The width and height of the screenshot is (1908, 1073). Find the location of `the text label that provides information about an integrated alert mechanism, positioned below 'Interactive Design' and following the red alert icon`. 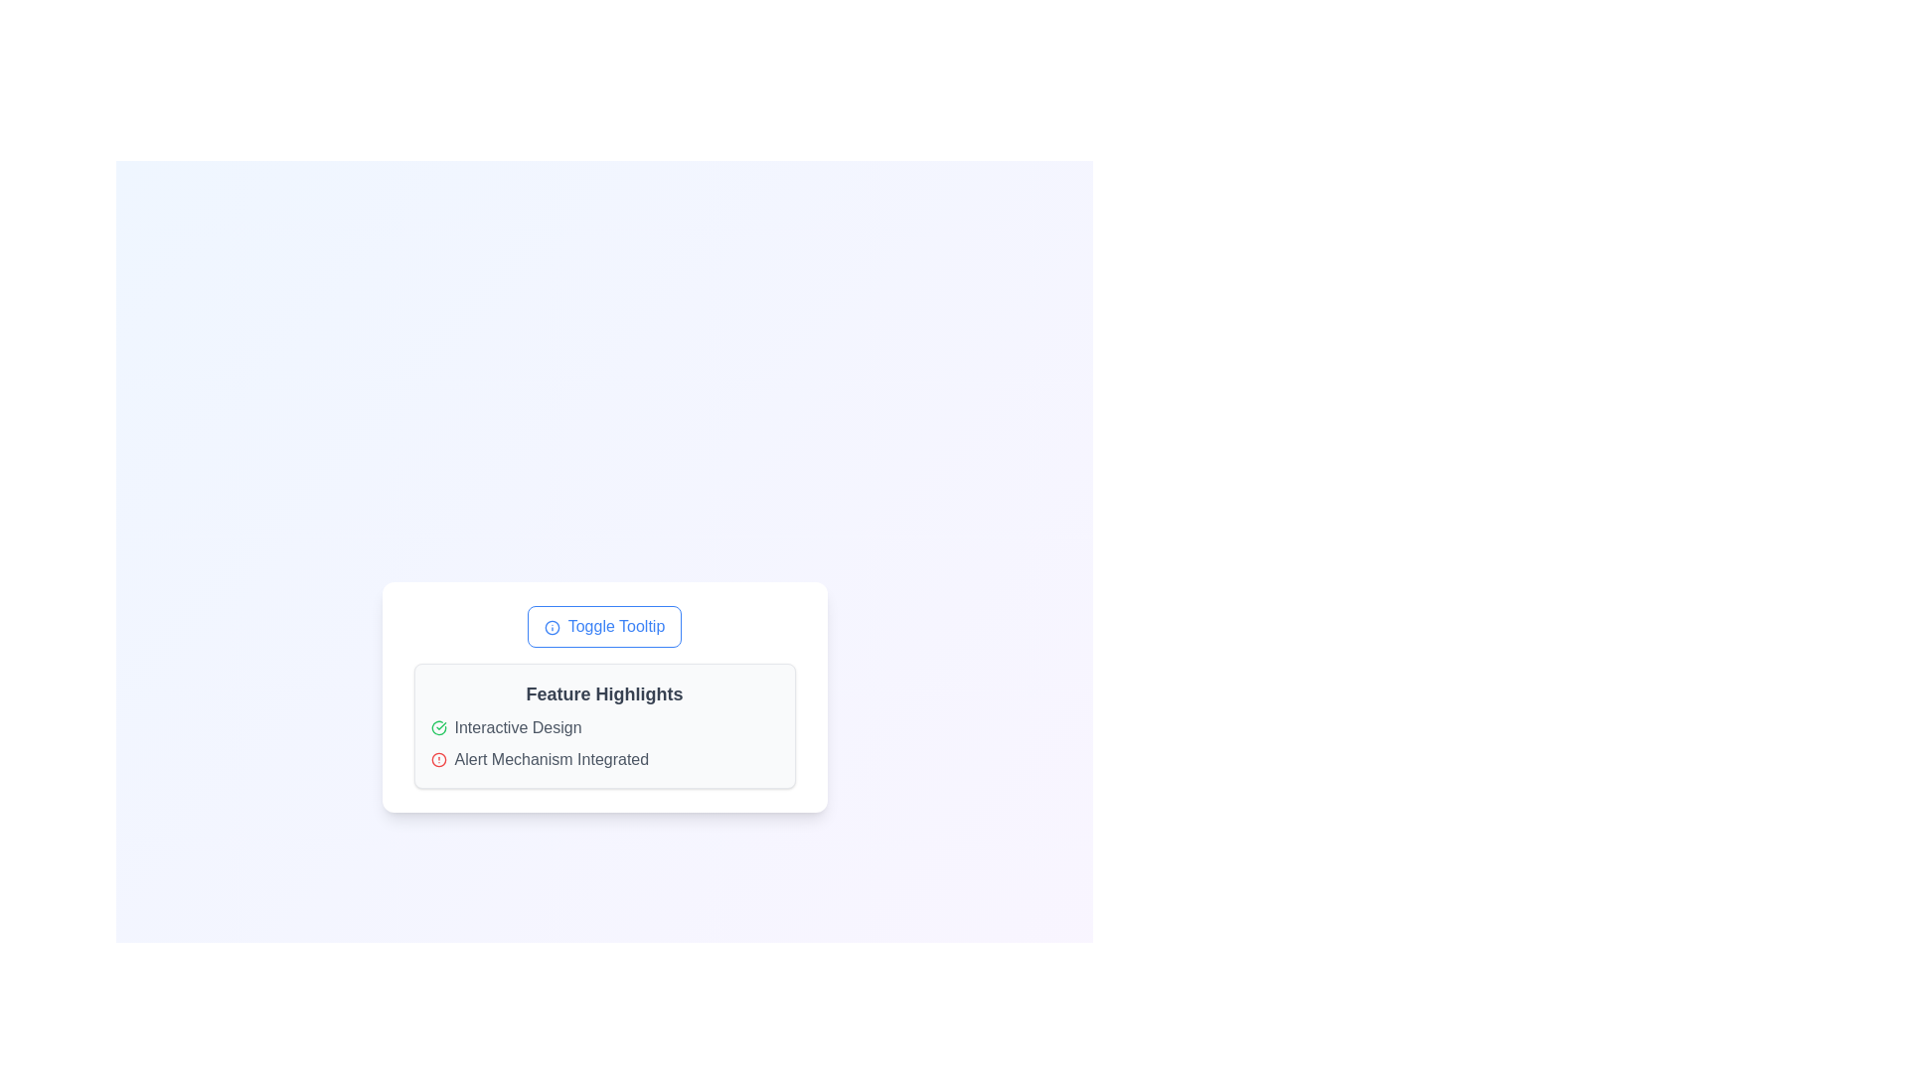

the text label that provides information about an integrated alert mechanism, positioned below 'Interactive Design' and following the red alert icon is located at coordinates (552, 759).